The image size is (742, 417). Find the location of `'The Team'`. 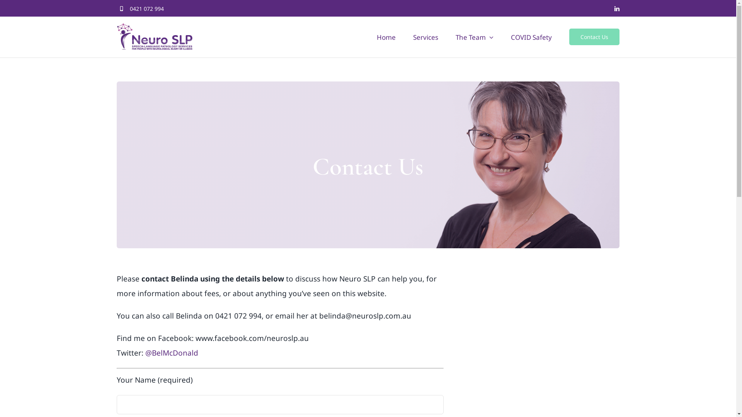

'The Team' is located at coordinates (474, 37).